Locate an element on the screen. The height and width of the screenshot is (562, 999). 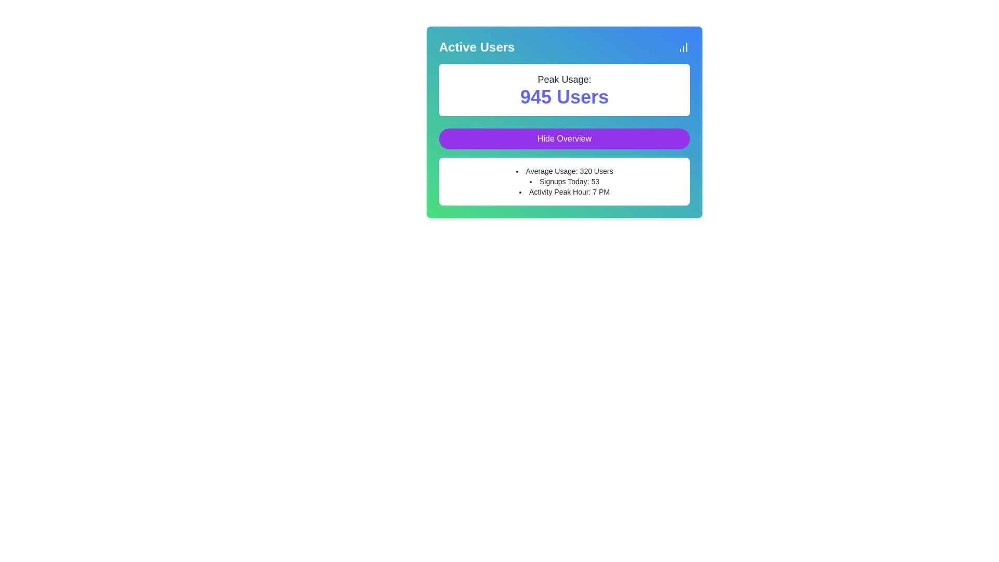
the title text label at the top-left corner of the card component that indicates information about active users is located at coordinates (476, 47).